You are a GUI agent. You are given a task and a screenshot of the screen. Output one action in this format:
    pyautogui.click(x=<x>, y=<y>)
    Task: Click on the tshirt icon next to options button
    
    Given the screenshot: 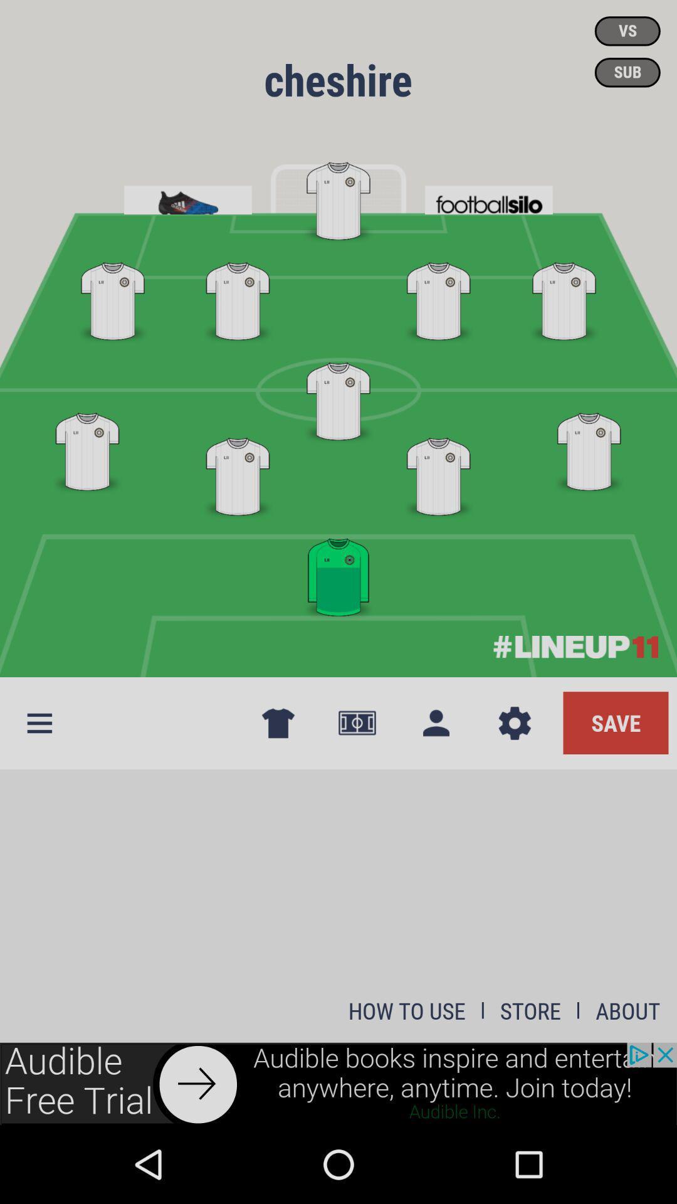 What is the action you would take?
    pyautogui.click(x=277, y=723)
    